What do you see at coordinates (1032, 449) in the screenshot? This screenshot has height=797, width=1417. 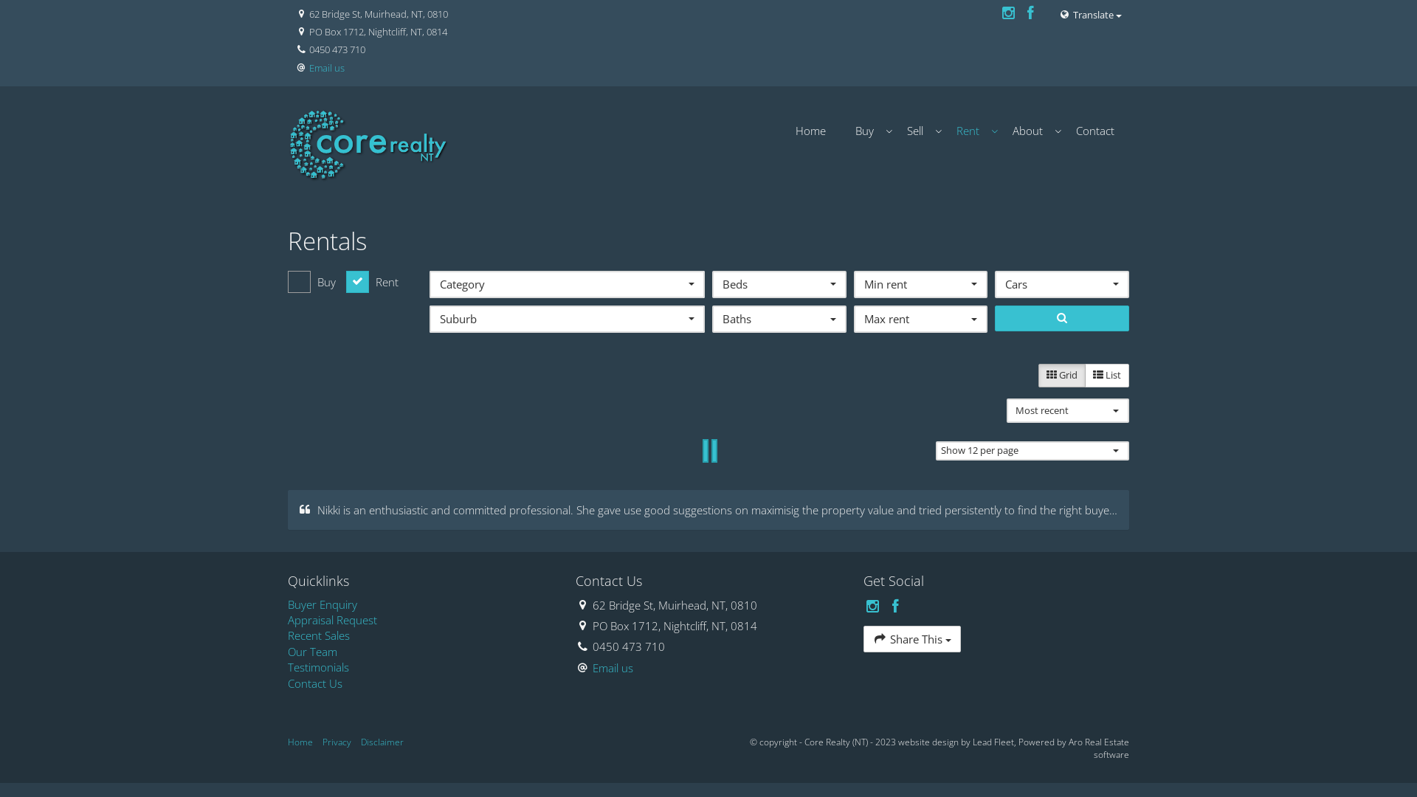 I see `'Show 12 per page` at bounding box center [1032, 449].